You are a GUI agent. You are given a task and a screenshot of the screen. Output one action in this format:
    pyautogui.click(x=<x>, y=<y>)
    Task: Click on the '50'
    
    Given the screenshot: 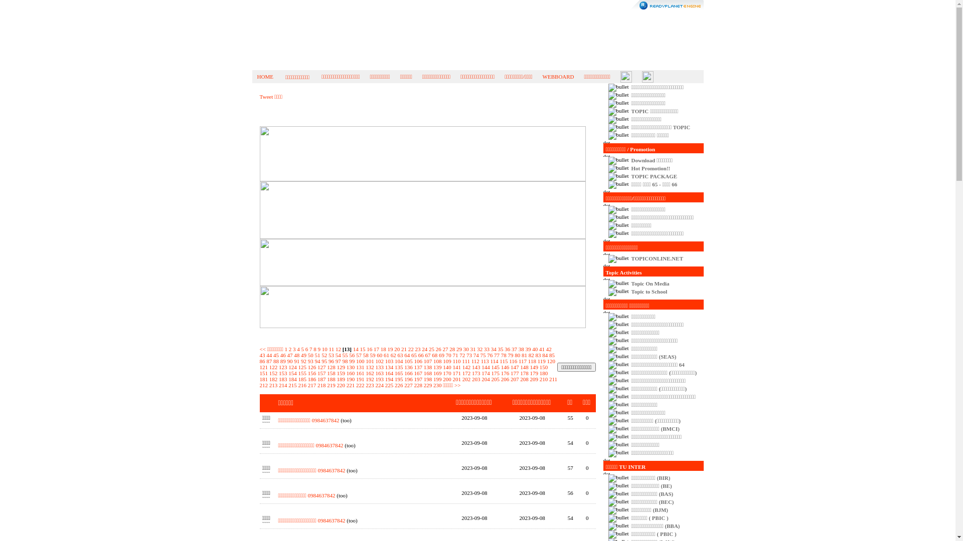 What is the action you would take?
    pyautogui.click(x=310, y=355)
    